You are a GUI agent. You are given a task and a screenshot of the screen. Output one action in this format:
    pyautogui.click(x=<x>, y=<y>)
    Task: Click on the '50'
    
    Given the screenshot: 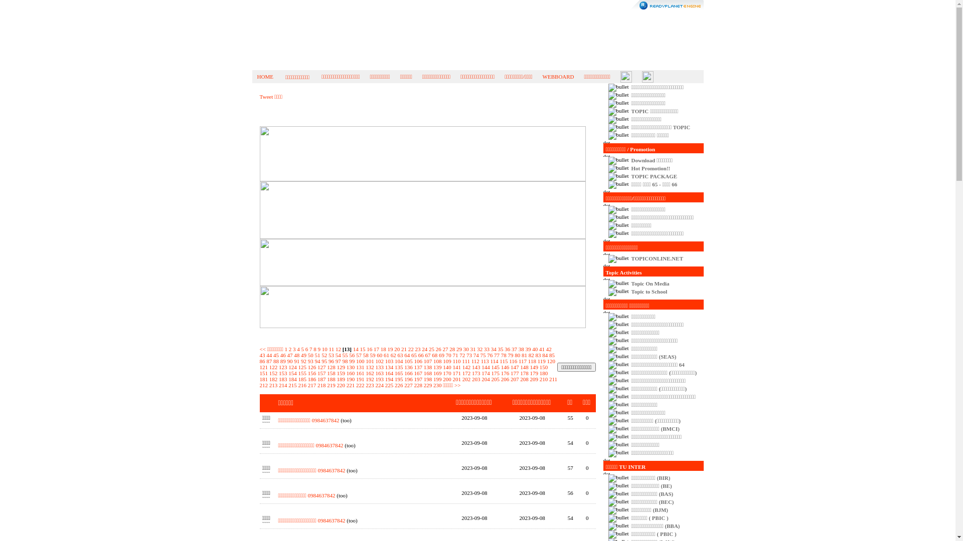 What is the action you would take?
    pyautogui.click(x=310, y=355)
    